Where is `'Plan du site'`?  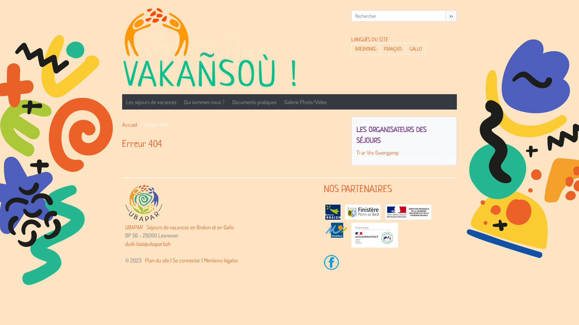
'Plan du site' is located at coordinates (145, 260).